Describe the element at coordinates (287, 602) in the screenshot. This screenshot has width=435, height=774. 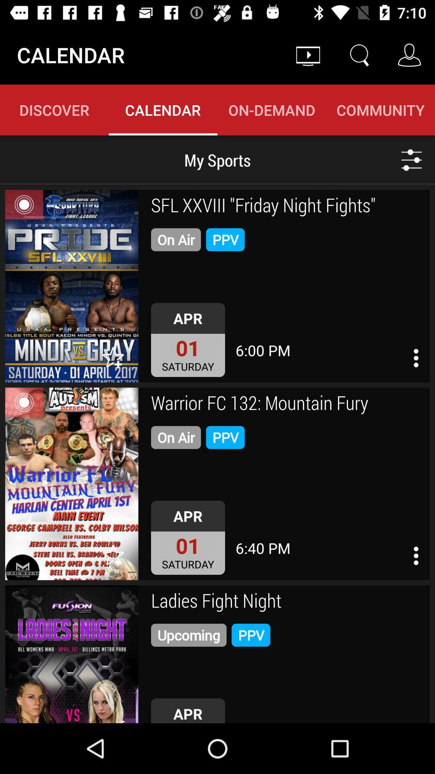
I see `item above the upcoming item` at that location.